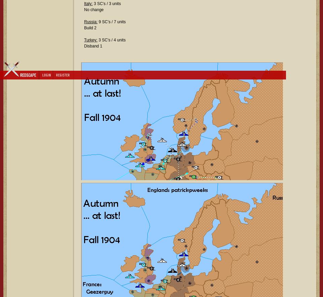  What do you see at coordinates (90, 22) in the screenshot?
I see `'Russia:'` at bounding box center [90, 22].